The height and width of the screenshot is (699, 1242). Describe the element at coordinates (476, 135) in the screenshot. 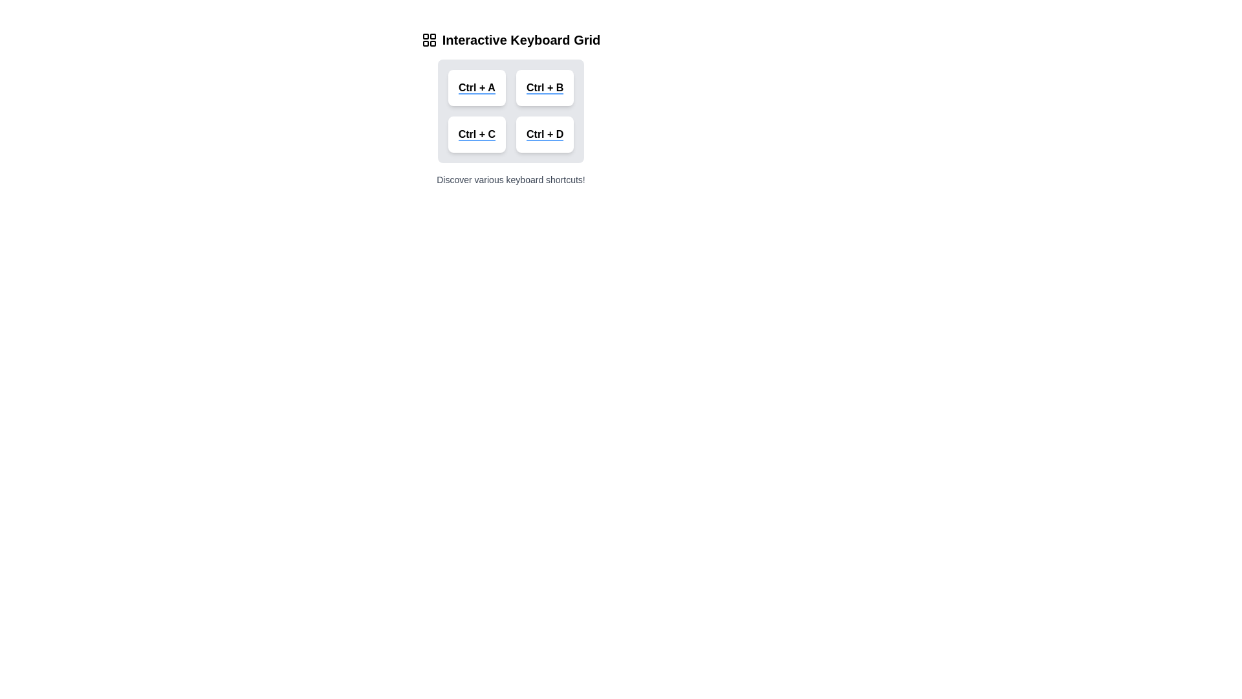

I see `the information provided by the informational card representing the keyboard shortcut 'Ctrl + C', located in the second row and first column of a 2x2 grid layout` at that location.